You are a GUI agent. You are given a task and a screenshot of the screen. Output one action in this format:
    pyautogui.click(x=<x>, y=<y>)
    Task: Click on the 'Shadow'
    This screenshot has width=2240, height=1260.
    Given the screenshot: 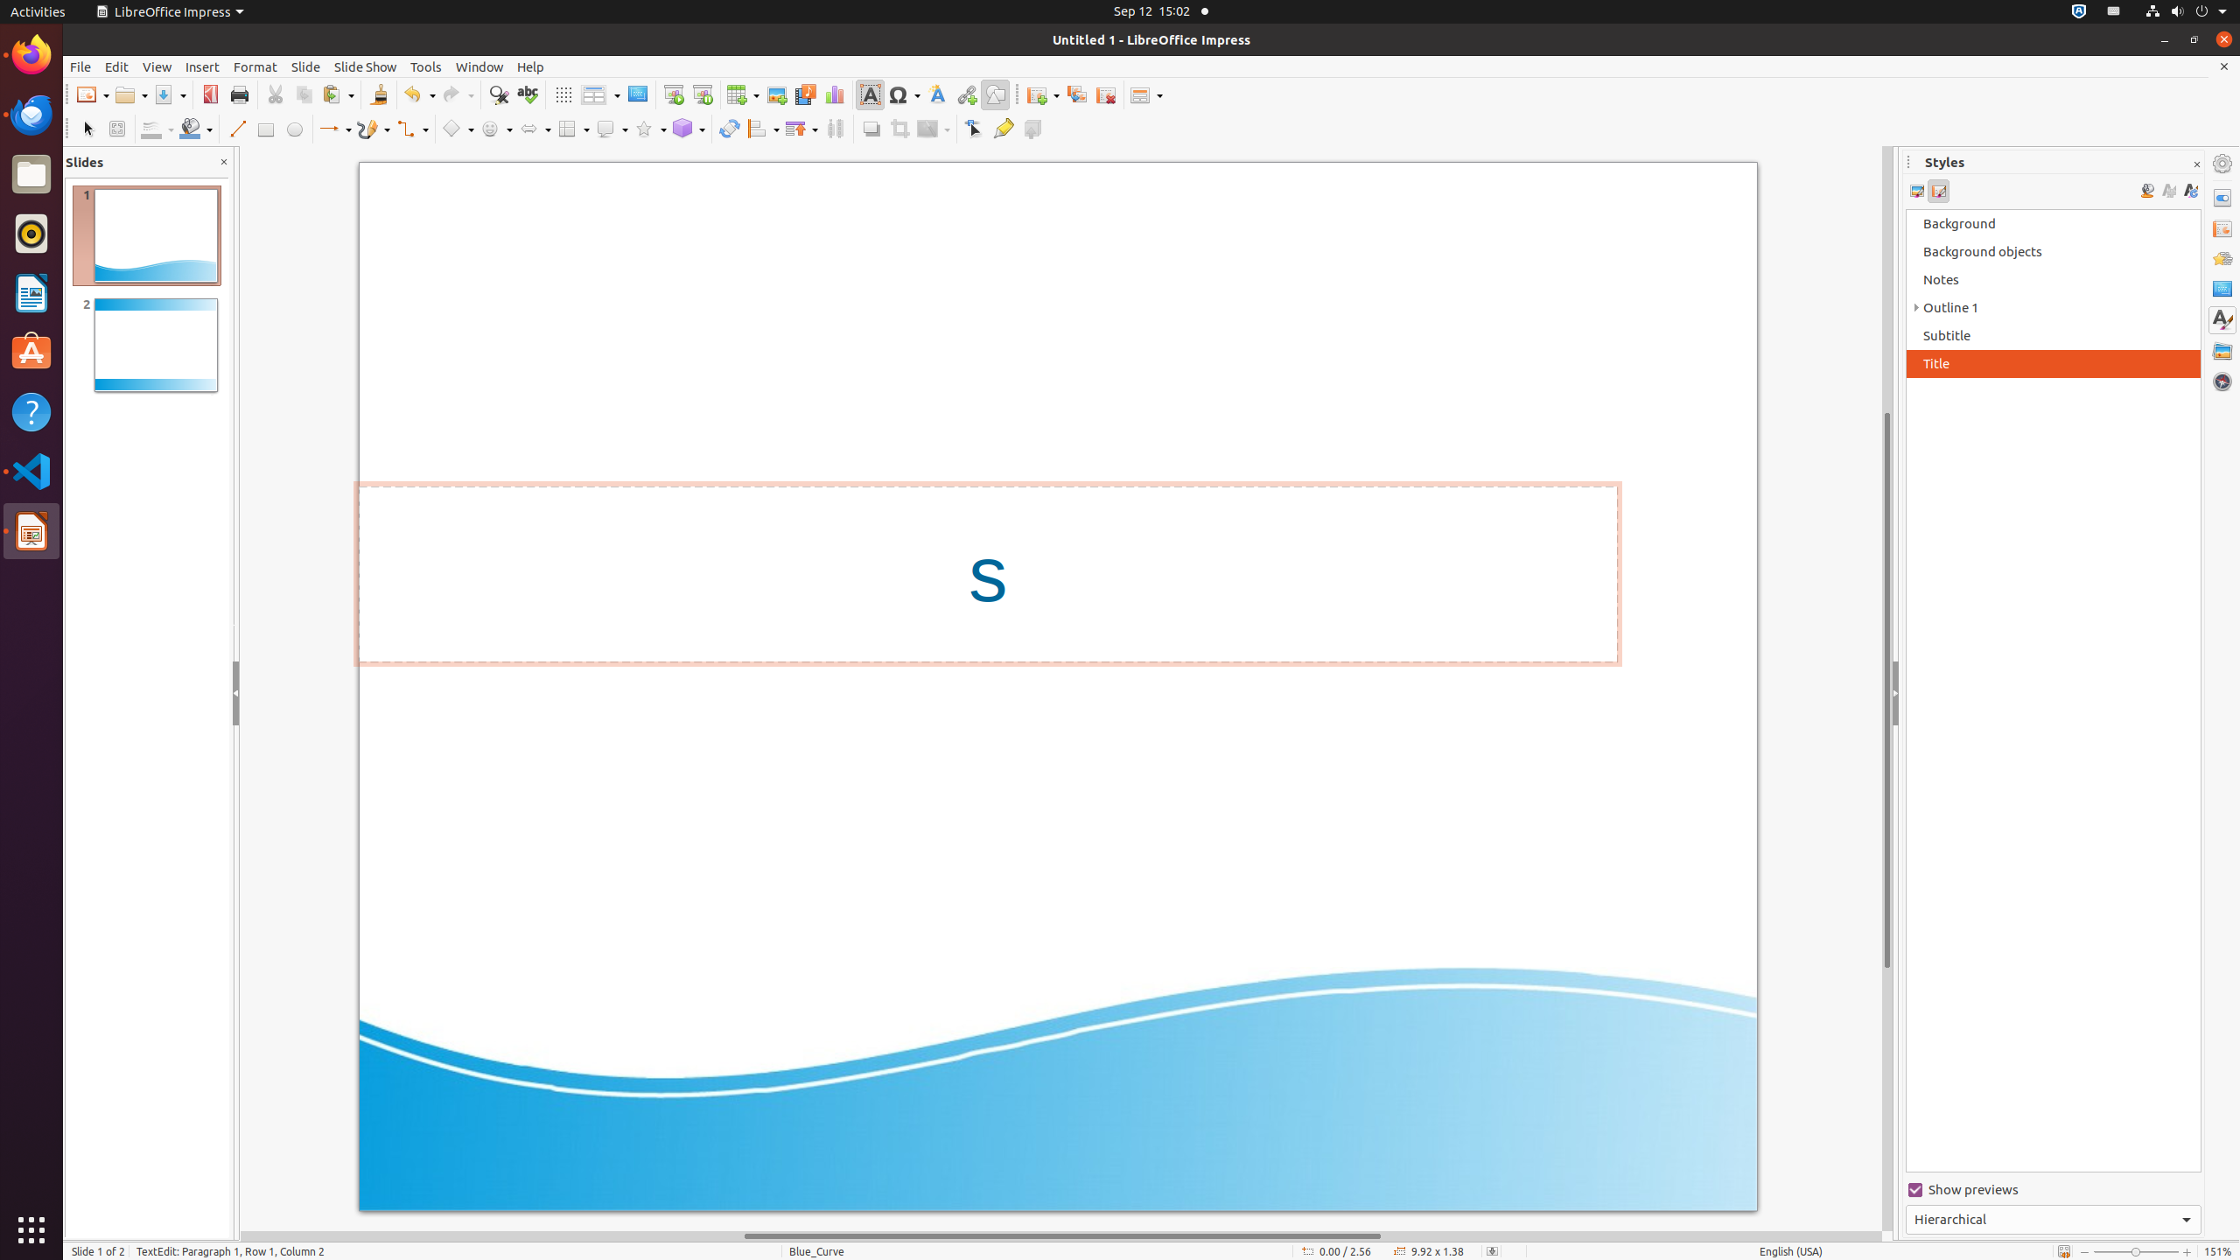 What is the action you would take?
    pyautogui.click(x=870, y=128)
    